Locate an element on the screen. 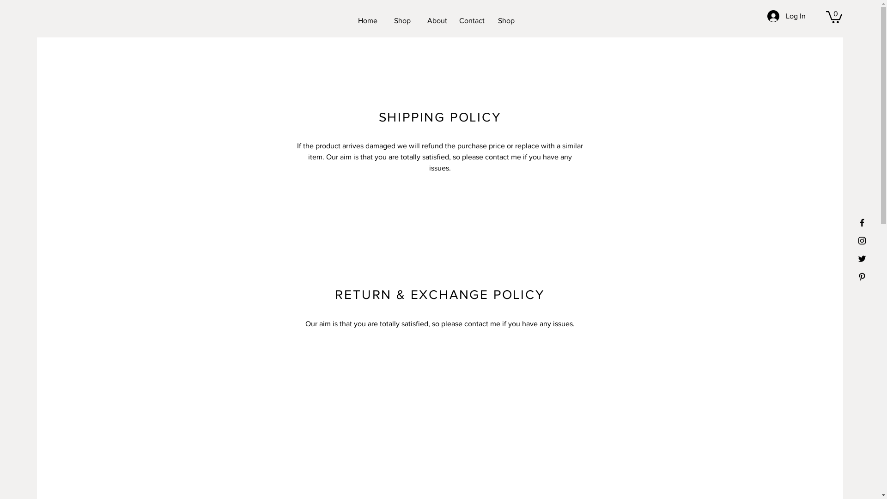 The image size is (887, 499). 'Shop' is located at coordinates (402, 21).